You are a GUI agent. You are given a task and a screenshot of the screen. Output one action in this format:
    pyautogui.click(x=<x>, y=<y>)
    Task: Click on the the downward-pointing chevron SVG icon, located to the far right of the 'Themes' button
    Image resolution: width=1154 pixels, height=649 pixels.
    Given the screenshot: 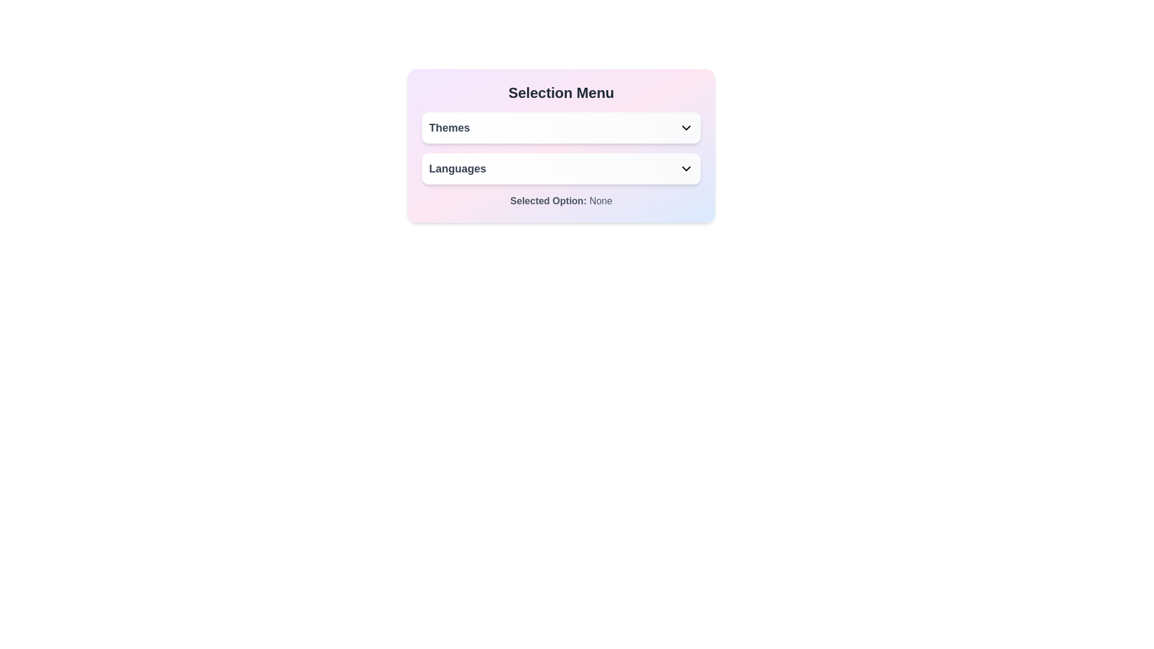 What is the action you would take?
    pyautogui.click(x=686, y=127)
    